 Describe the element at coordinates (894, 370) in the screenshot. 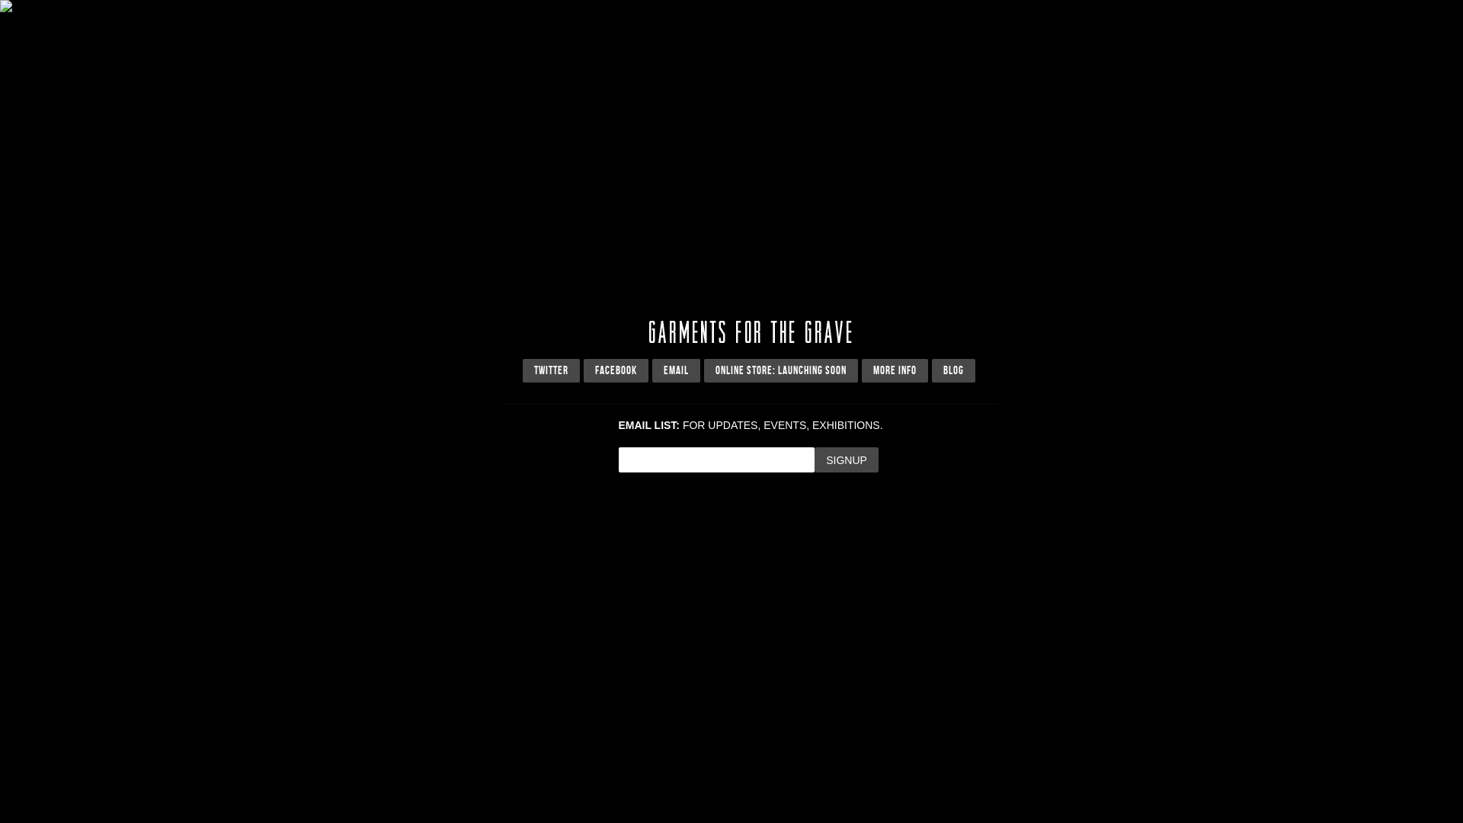

I see `'MORE INFO'` at that location.